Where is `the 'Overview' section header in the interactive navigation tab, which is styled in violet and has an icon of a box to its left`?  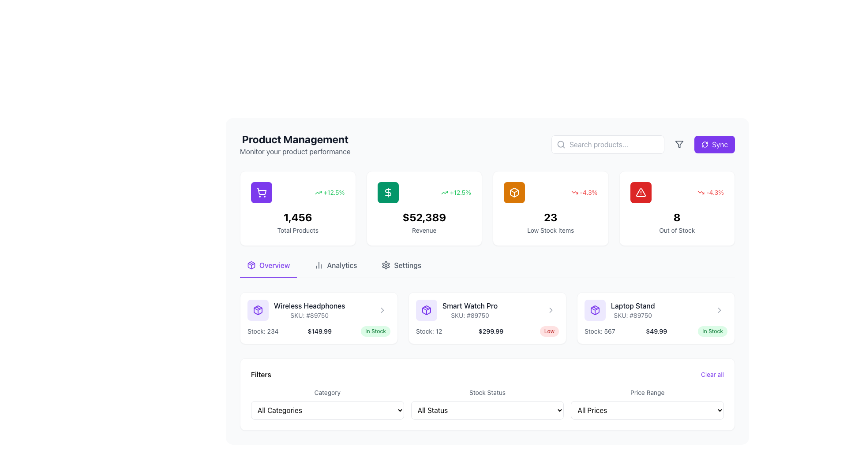
the 'Overview' section header in the interactive navigation tab, which is styled in violet and has an icon of a box to its left is located at coordinates (268, 268).